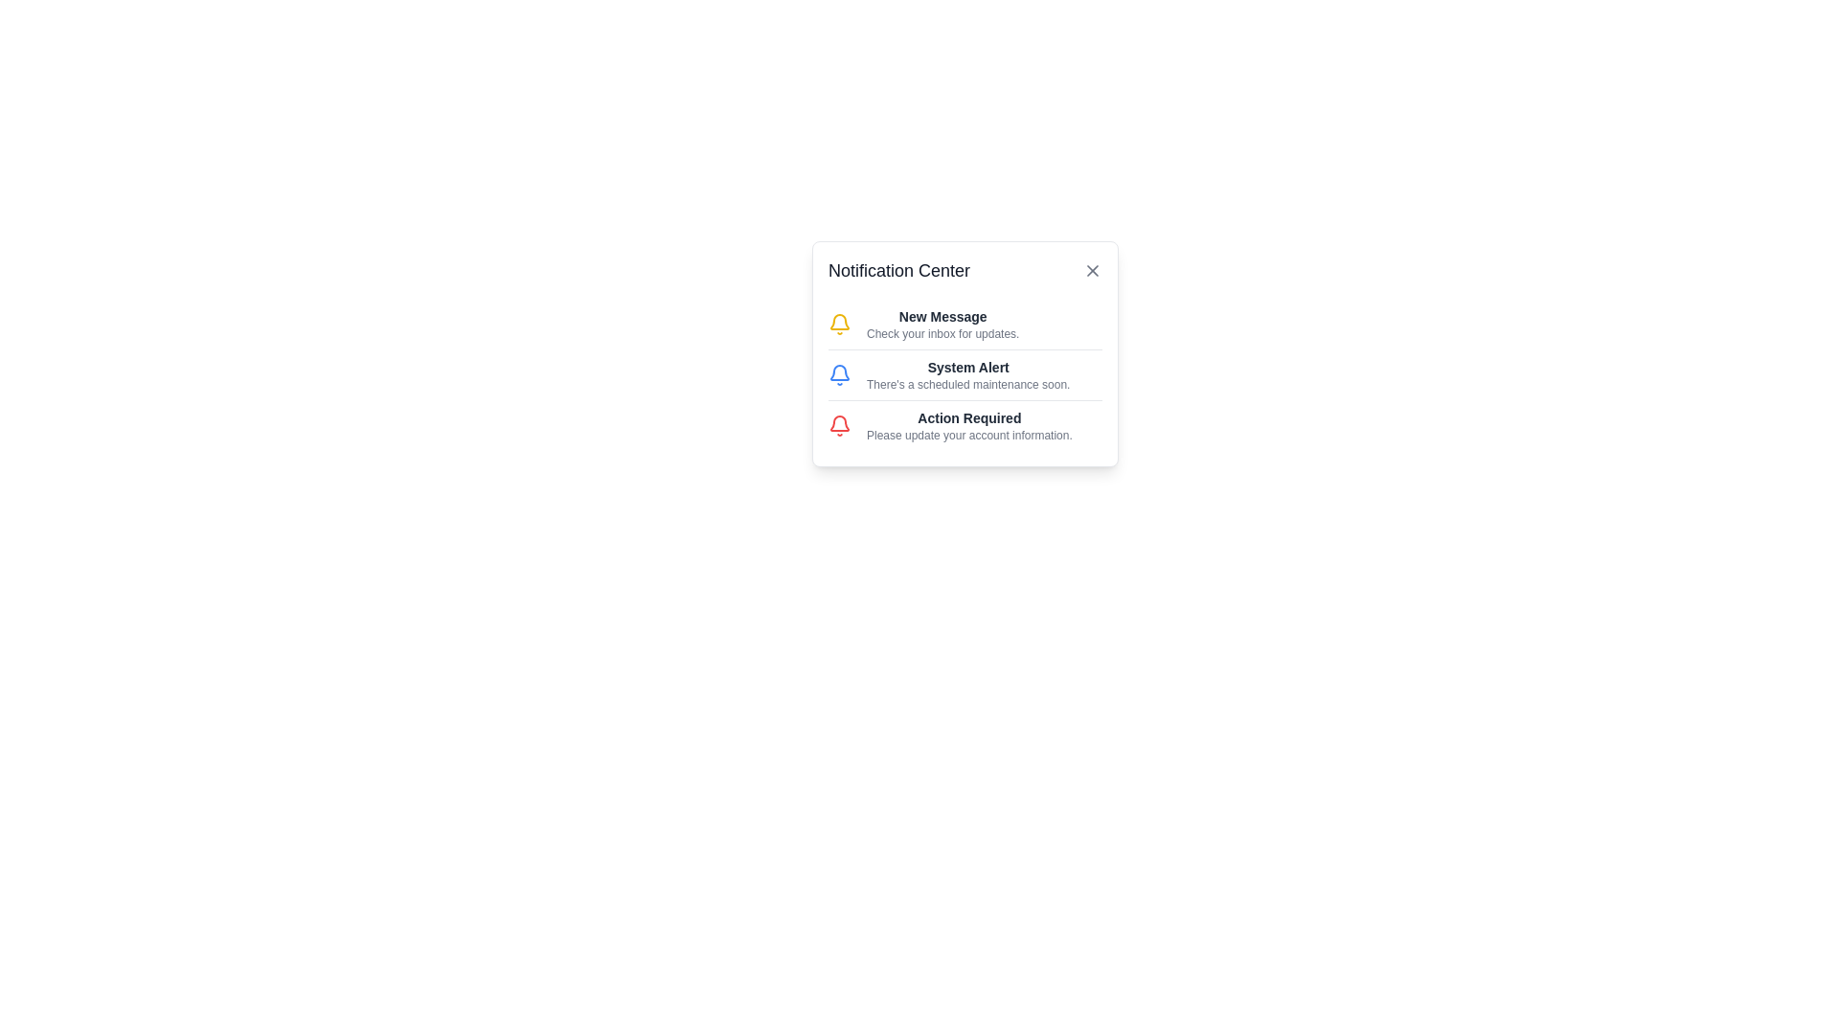  What do you see at coordinates (840, 424) in the screenshot?
I see `the red bell-shaped icon located at the leftmost position in the 'Action Required' row, which prompts to update account information` at bounding box center [840, 424].